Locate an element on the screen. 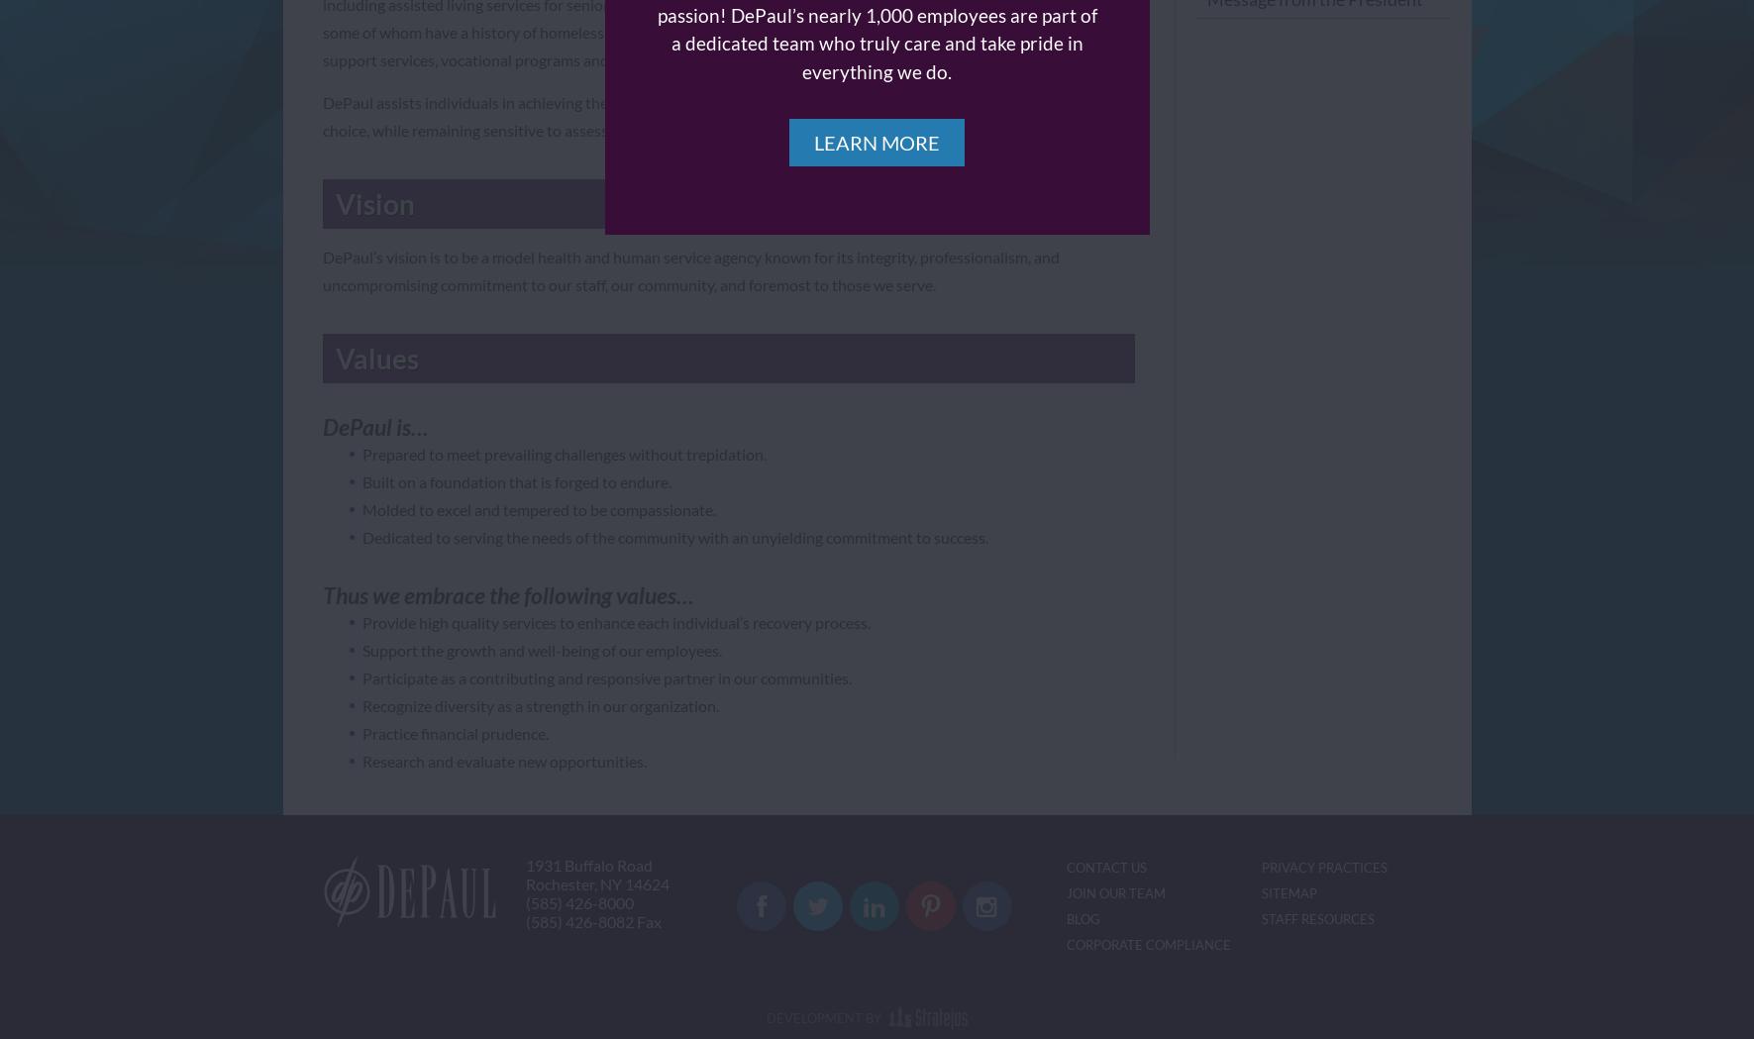  'Research and evaluate new opportunities.' is located at coordinates (502, 761).